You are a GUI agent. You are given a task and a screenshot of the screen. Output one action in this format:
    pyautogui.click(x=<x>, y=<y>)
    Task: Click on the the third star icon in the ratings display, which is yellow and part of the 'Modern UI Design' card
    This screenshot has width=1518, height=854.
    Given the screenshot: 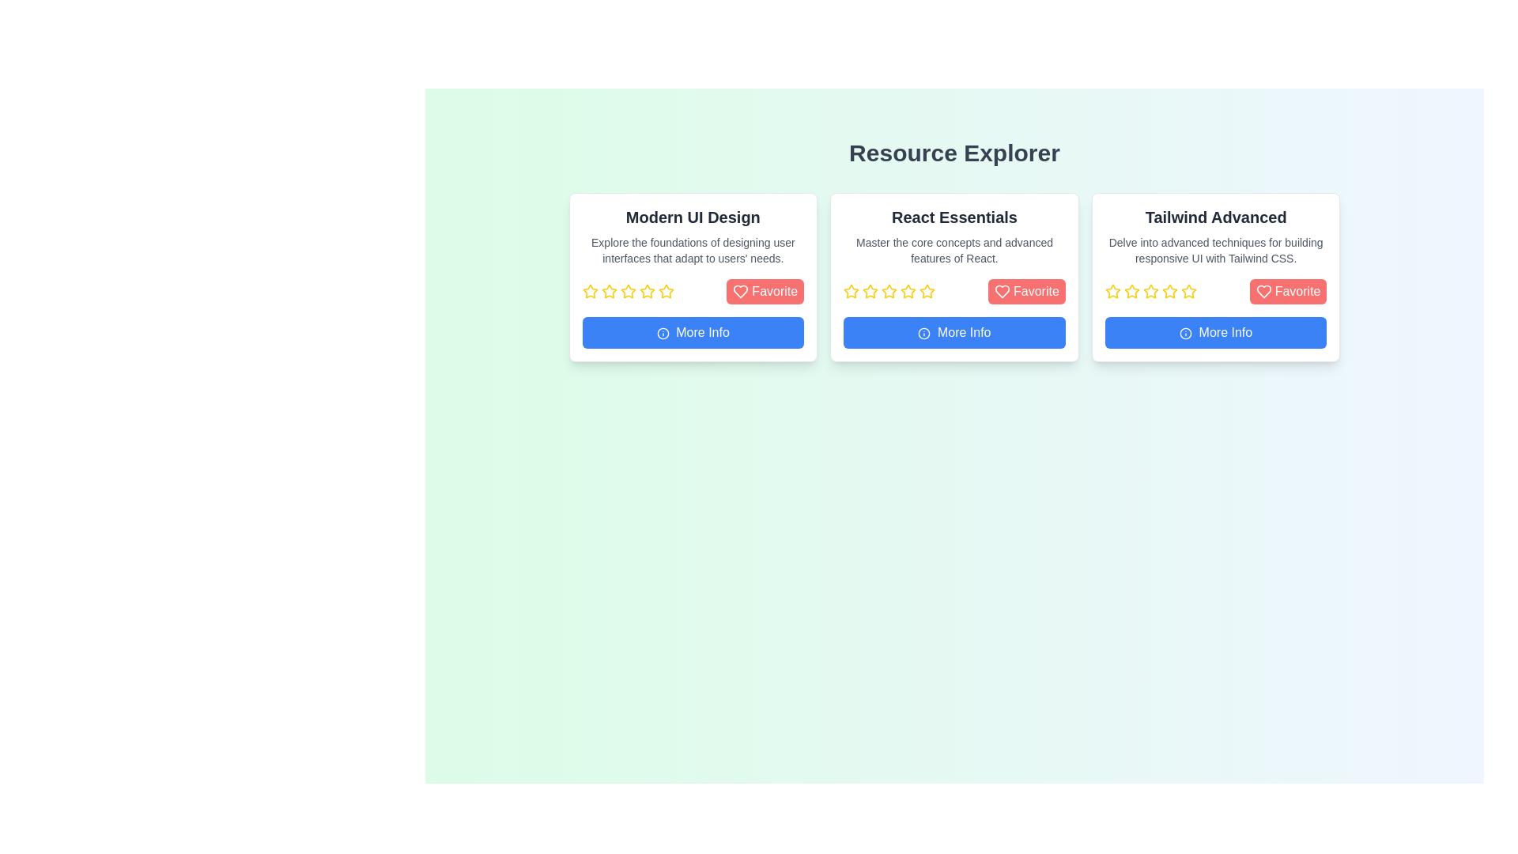 What is the action you would take?
    pyautogui.click(x=629, y=292)
    